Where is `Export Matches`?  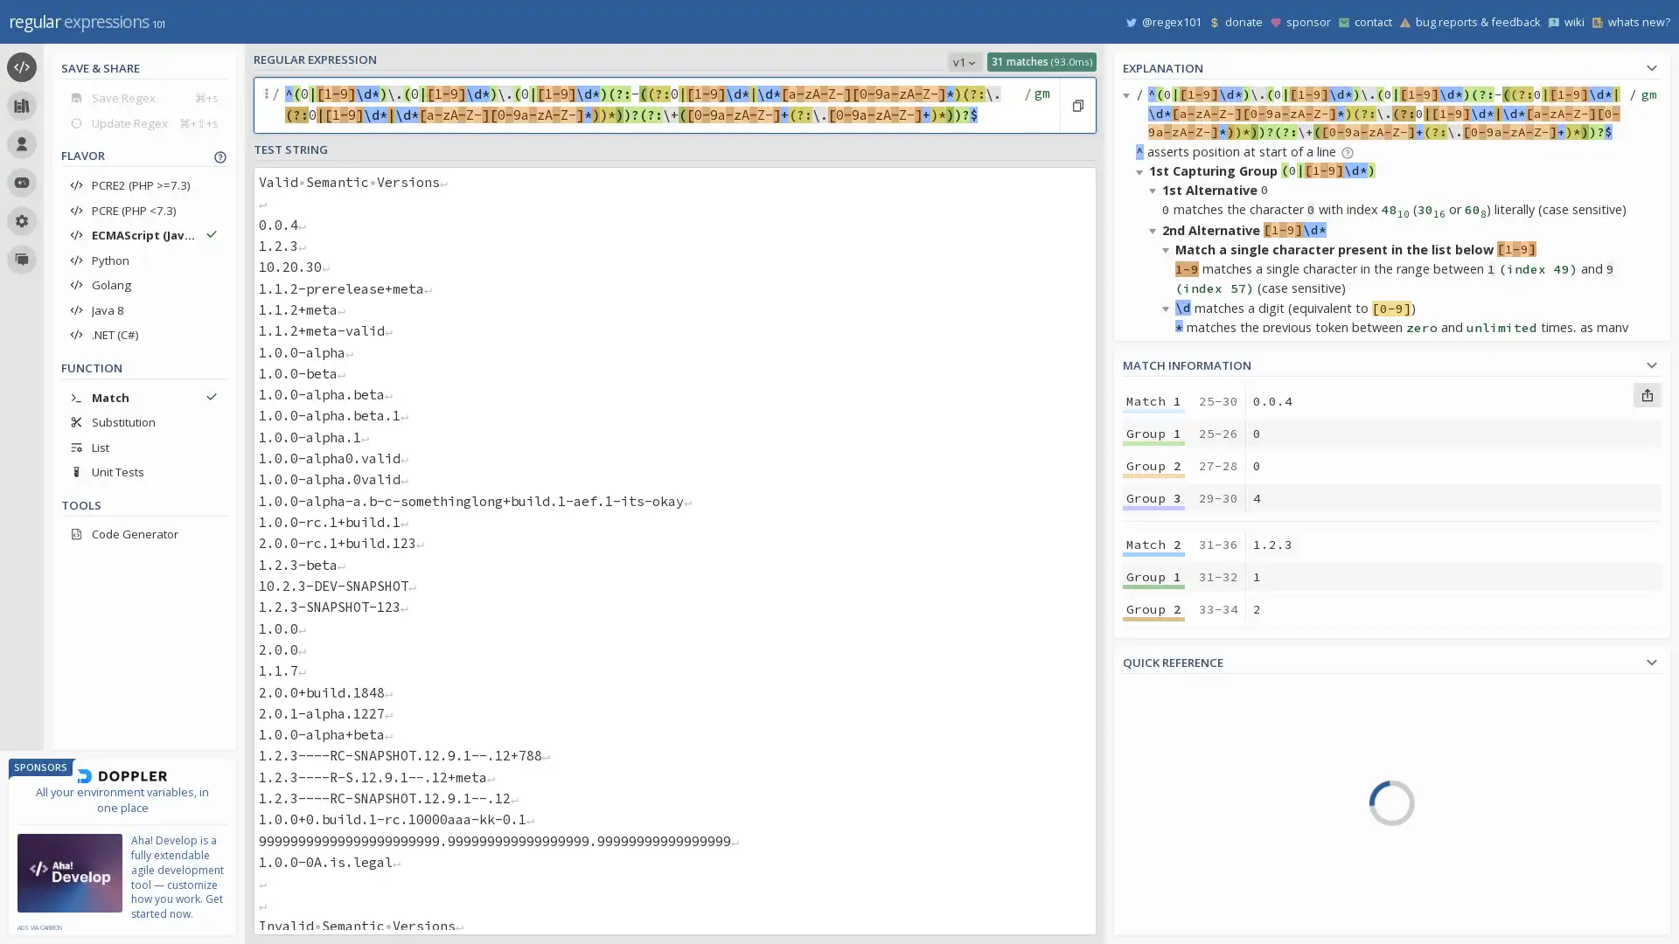
Export Matches is located at coordinates (1646, 394).